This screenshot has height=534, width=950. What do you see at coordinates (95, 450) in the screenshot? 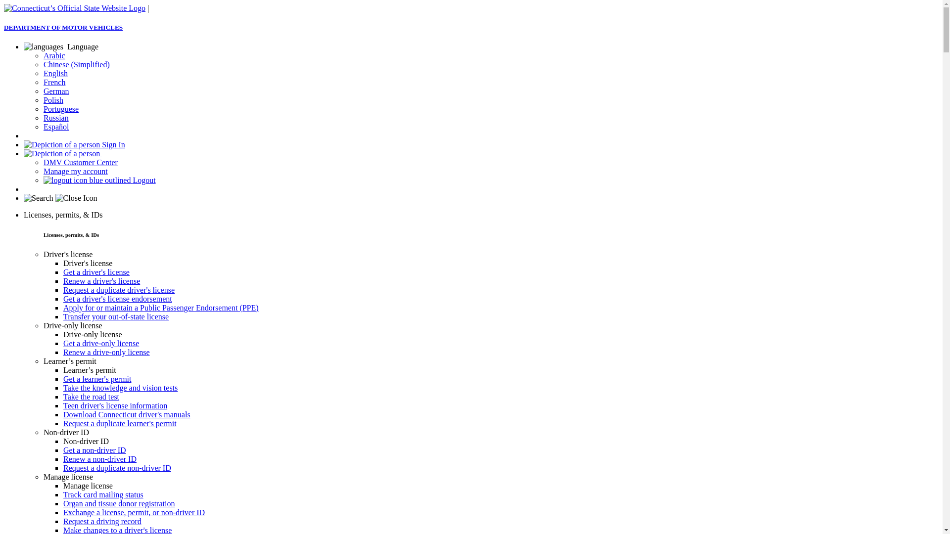
I see `'Get a non-driver ID'` at bounding box center [95, 450].